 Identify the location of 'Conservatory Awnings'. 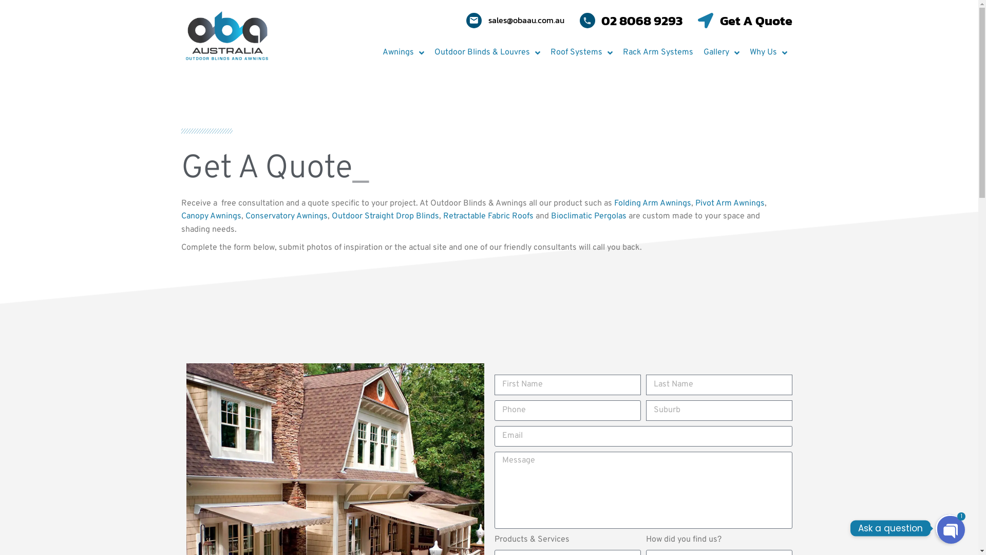
(286, 215).